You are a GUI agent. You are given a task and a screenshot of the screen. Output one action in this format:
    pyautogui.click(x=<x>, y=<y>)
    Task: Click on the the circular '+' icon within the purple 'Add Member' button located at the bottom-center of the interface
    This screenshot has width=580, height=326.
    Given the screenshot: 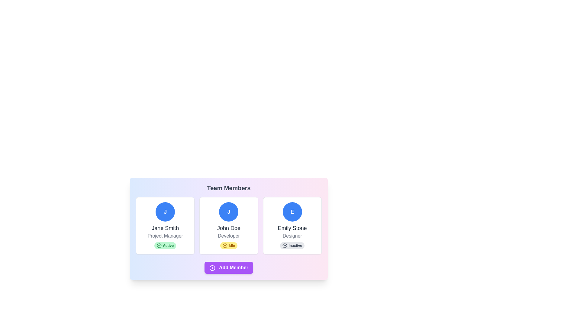 What is the action you would take?
    pyautogui.click(x=212, y=267)
    